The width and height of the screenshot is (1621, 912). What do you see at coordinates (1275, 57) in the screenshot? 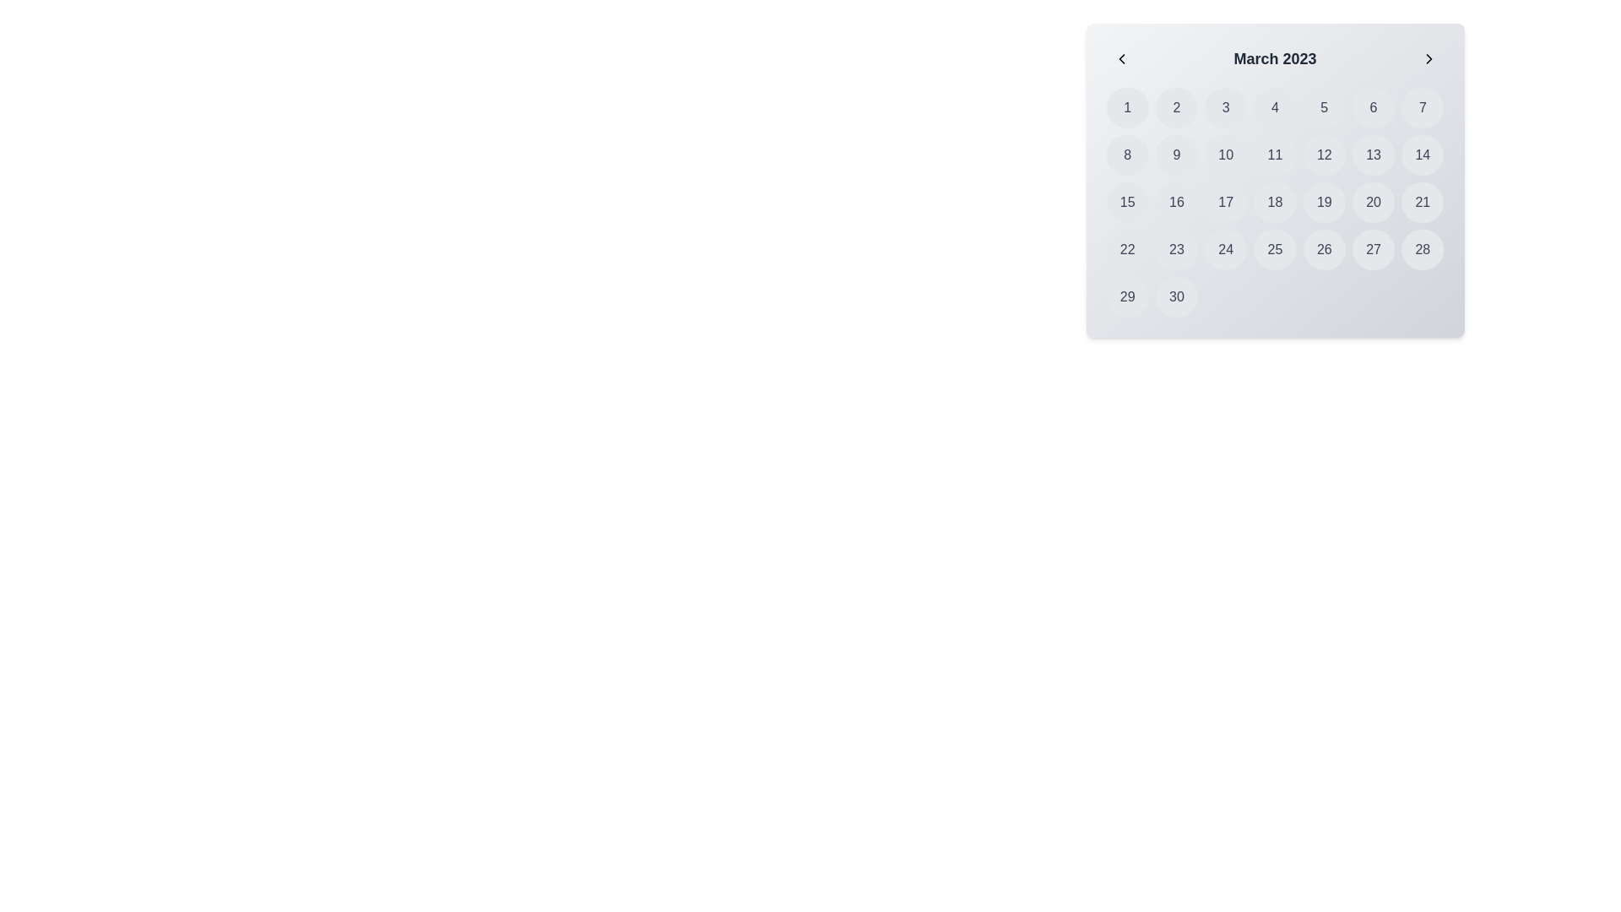
I see `the header displaying 'March 2023'` at bounding box center [1275, 57].